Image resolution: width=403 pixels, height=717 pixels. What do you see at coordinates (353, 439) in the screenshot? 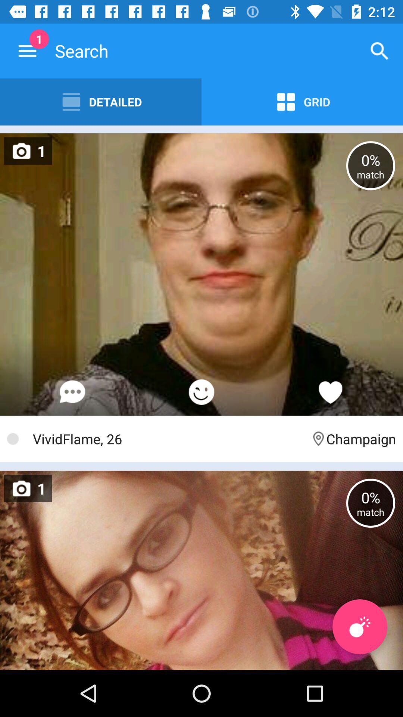
I see `champaign item` at bounding box center [353, 439].